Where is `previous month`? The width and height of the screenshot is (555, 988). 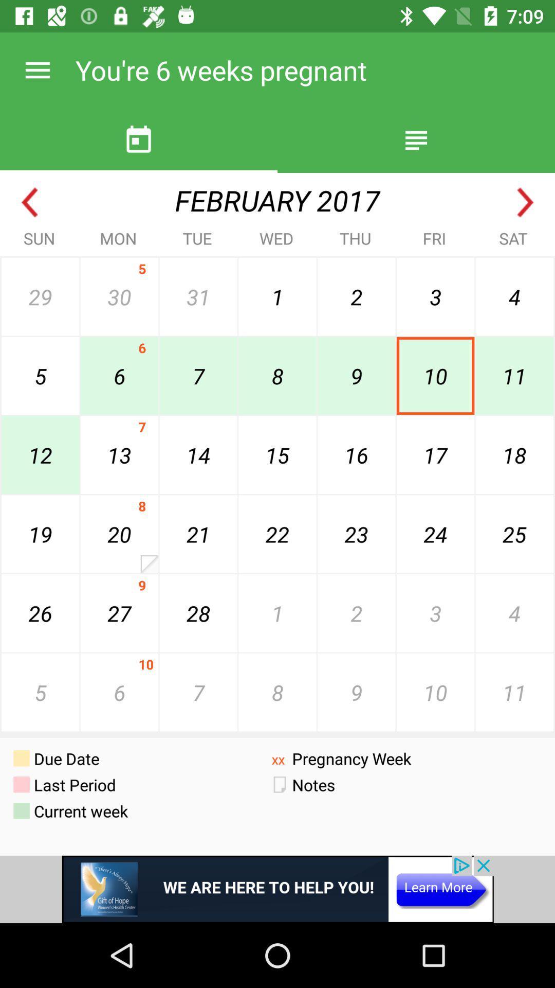
previous month is located at coordinates (29, 202).